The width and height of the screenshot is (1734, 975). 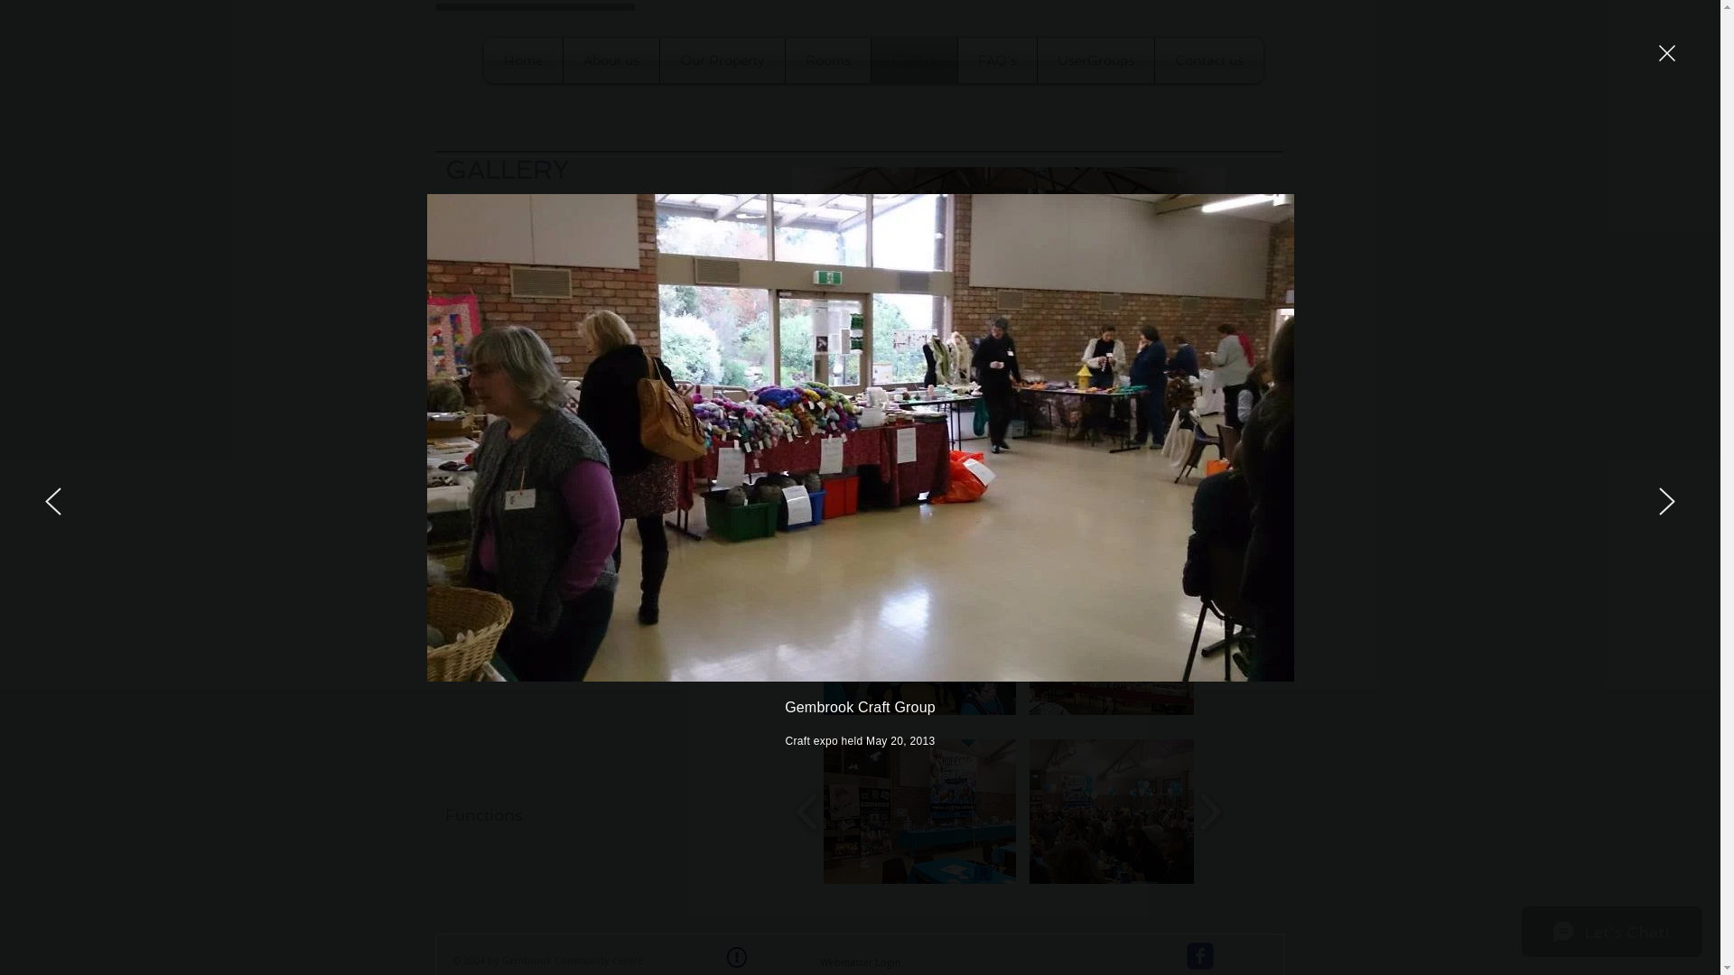 I want to click on 'Rooms', so click(x=826, y=59).